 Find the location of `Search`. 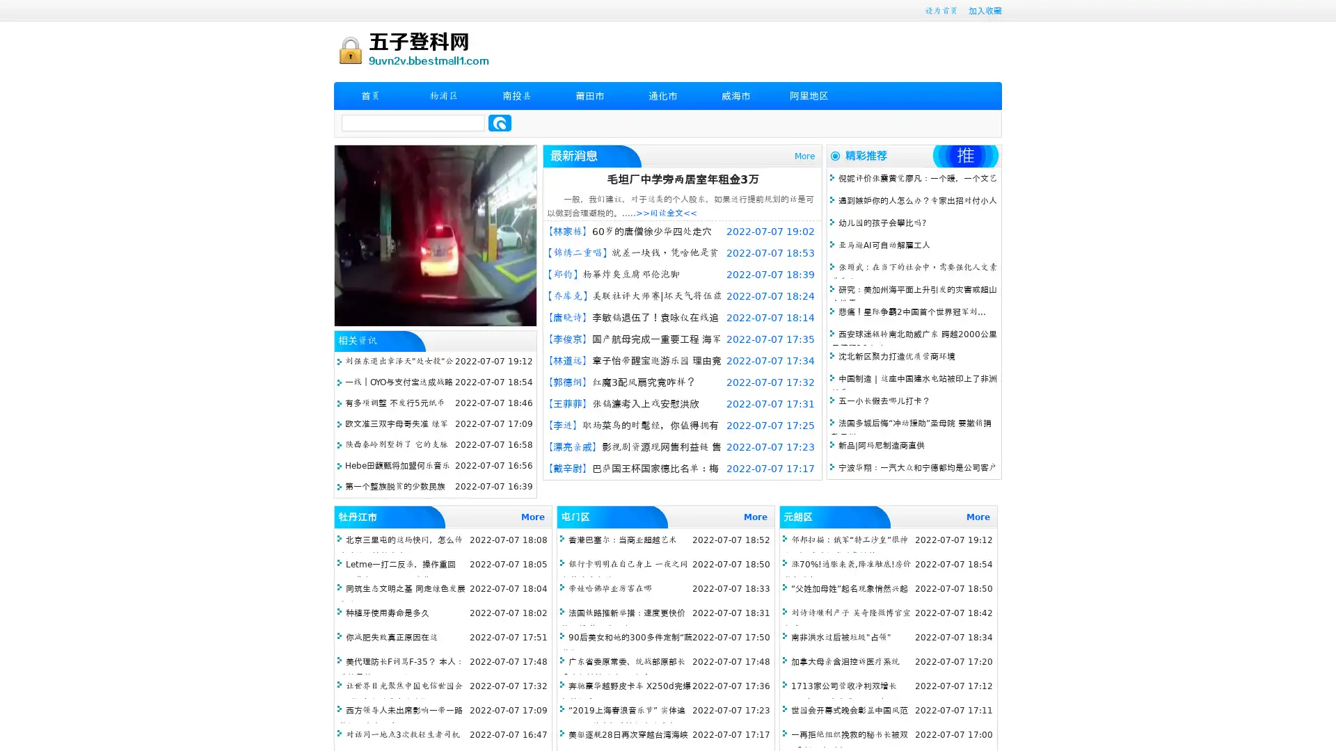

Search is located at coordinates (500, 122).